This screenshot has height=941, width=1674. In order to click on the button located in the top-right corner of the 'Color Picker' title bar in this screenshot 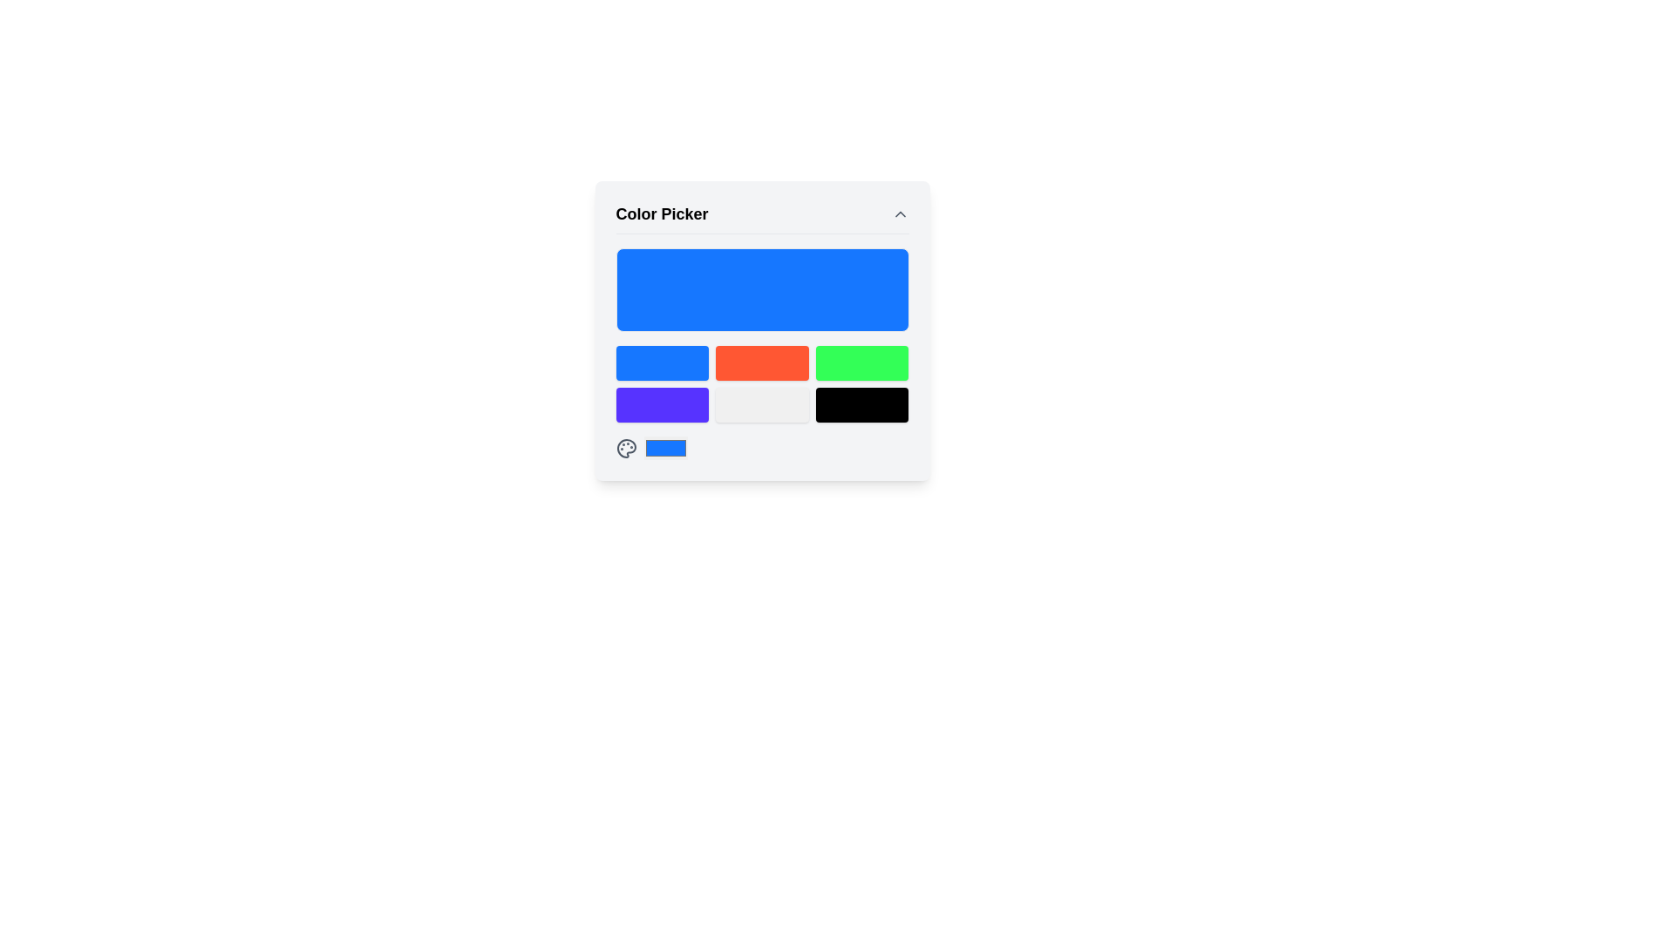, I will do `click(900, 213)`.